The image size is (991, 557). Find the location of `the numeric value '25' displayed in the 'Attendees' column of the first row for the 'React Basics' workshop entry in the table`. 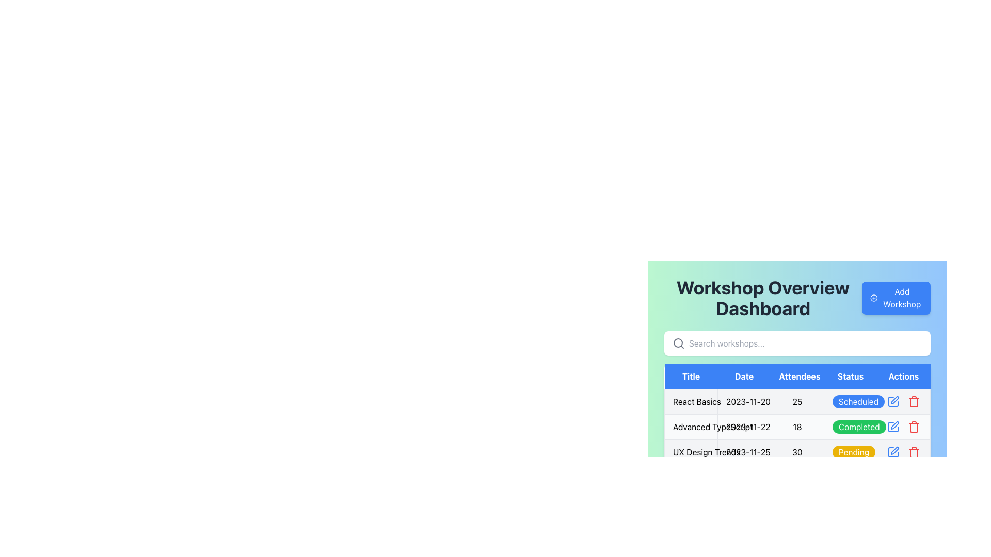

the numeric value '25' displayed in the 'Attendees' column of the first row for the 'React Basics' workshop entry in the table is located at coordinates (797, 401).